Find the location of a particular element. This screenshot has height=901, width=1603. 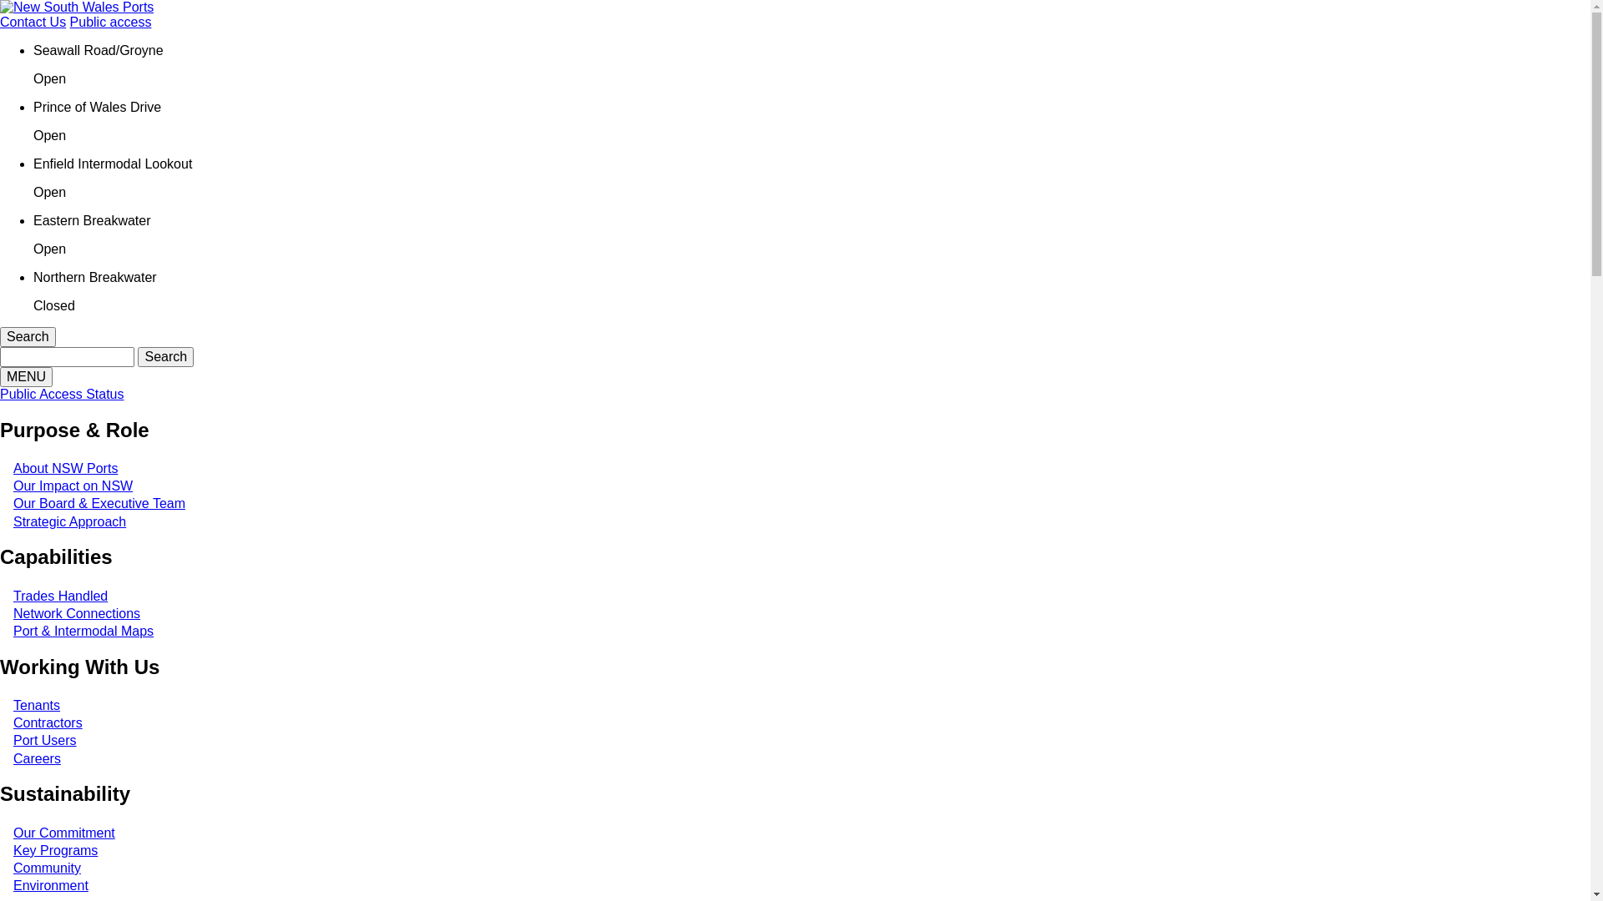

'Network Connections' is located at coordinates (13, 613).